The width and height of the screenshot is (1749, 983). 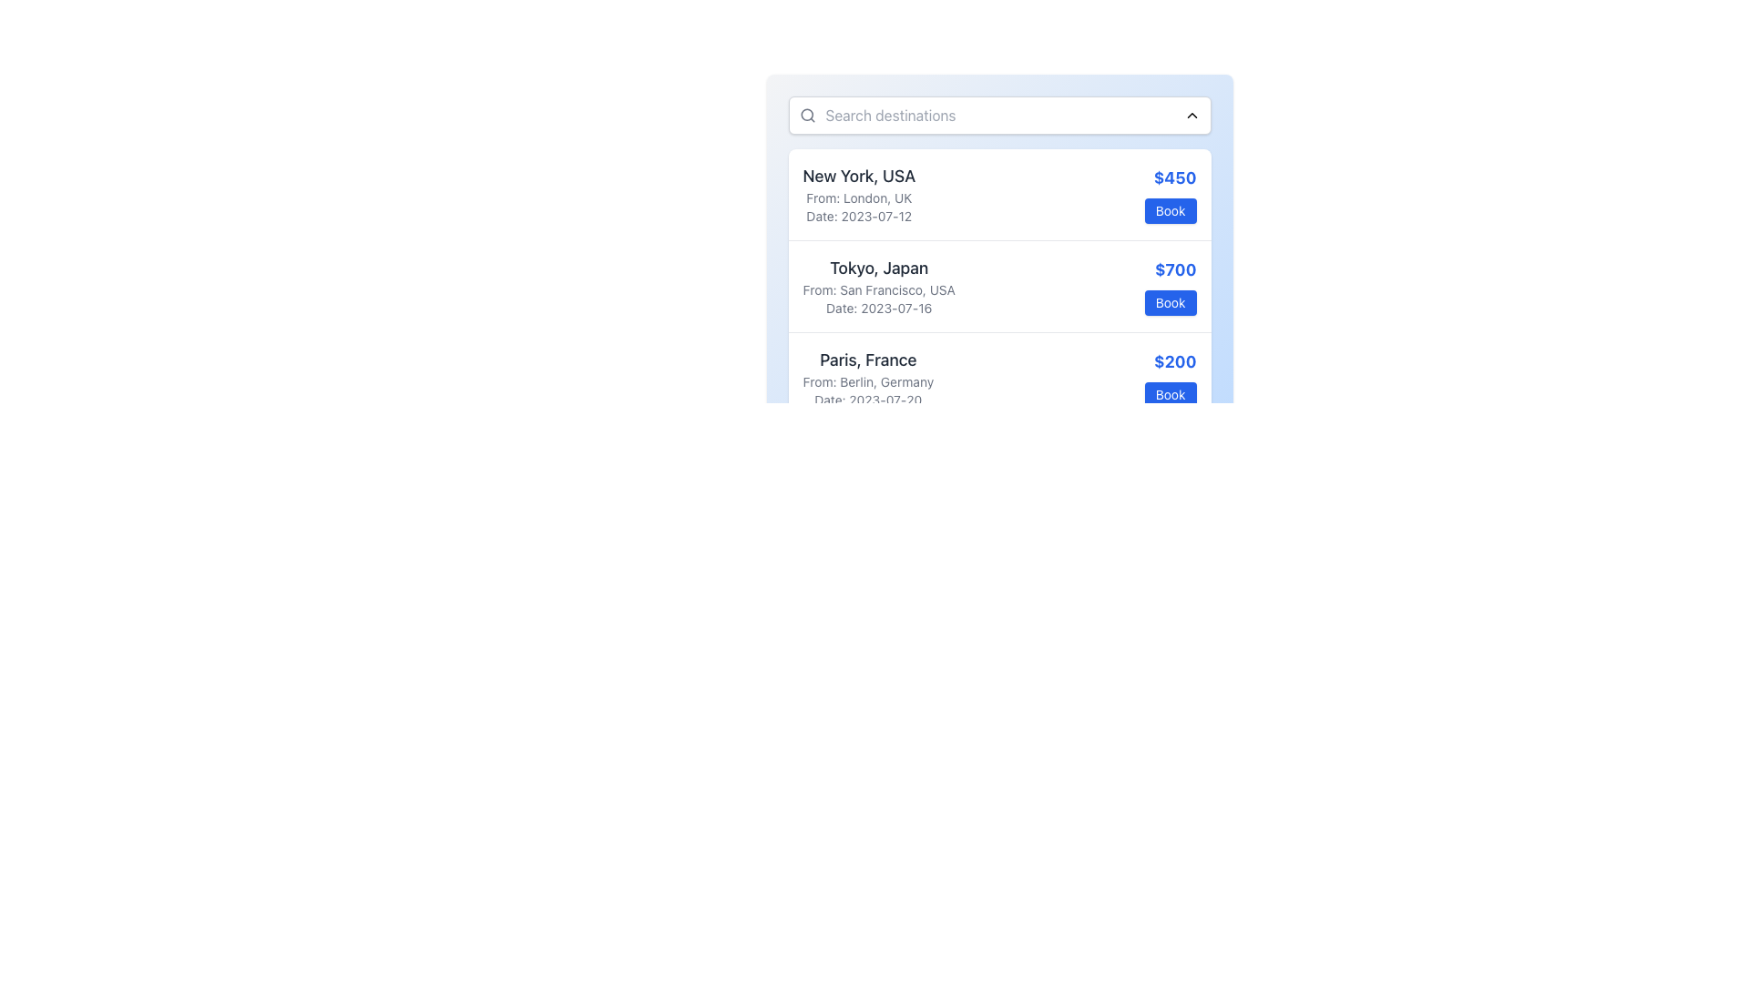 What do you see at coordinates (1171, 194) in the screenshot?
I see `the price display of '$450' in the top right portion of the travel offers list` at bounding box center [1171, 194].